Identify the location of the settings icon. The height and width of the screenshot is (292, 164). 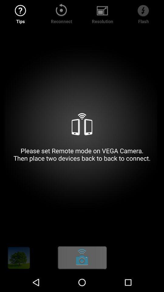
(19, 276).